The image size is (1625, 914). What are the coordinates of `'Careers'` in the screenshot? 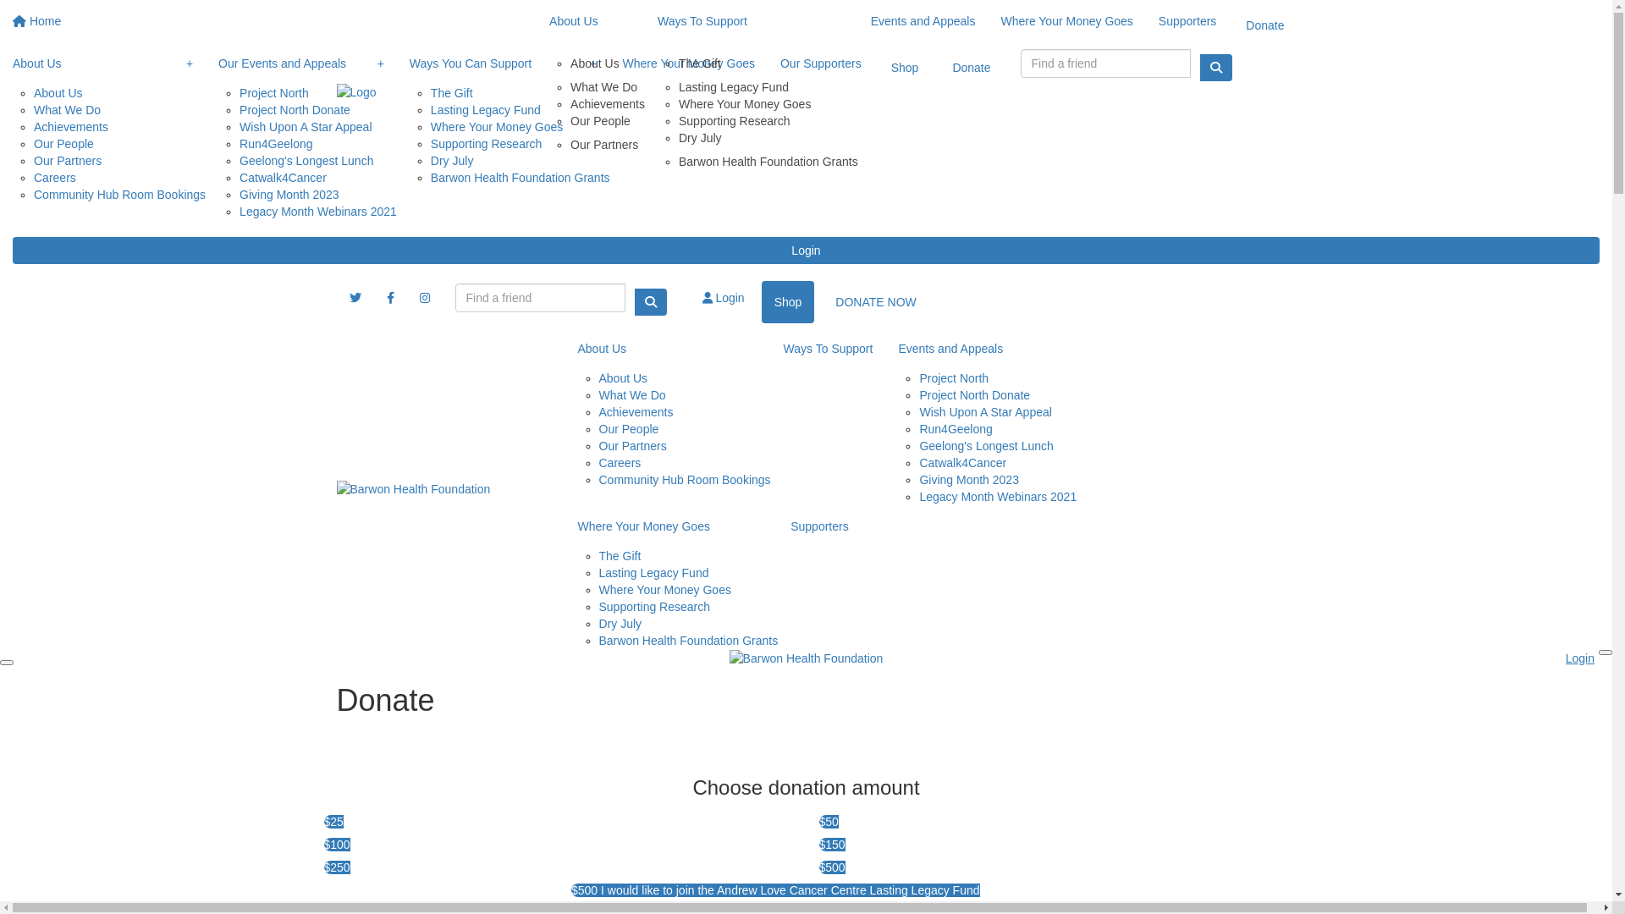 It's located at (55, 177).